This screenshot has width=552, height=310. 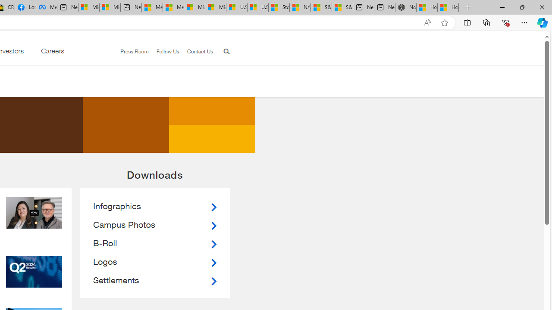 What do you see at coordinates (164, 52) in the screenshot?
I see `'Follow Us'` at bounding box center [164, 52].